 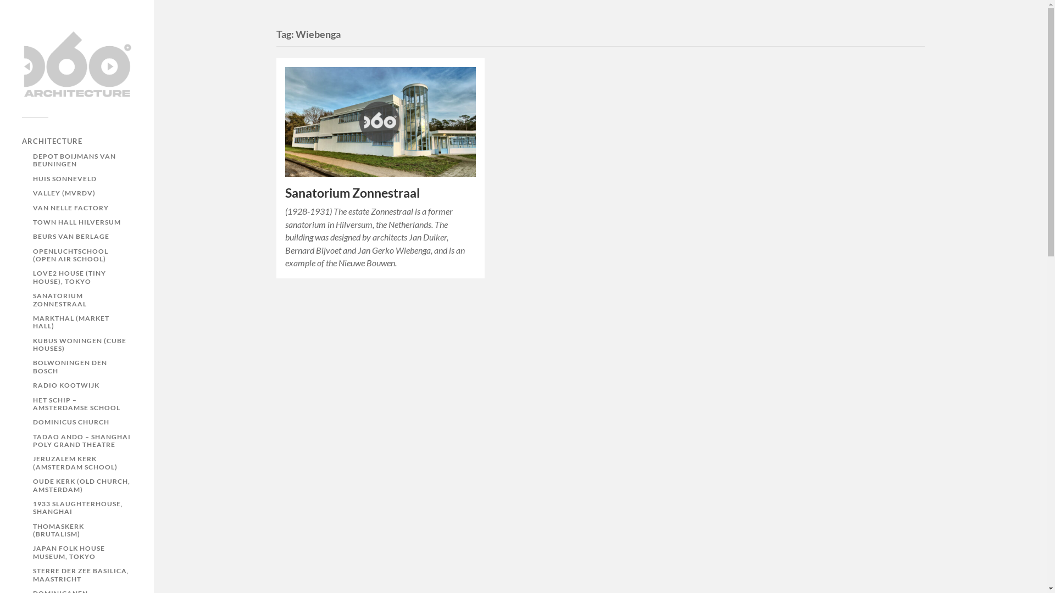 I want to click on 'TOWN HALL HILVERSUM', so click(x=76, y=222).